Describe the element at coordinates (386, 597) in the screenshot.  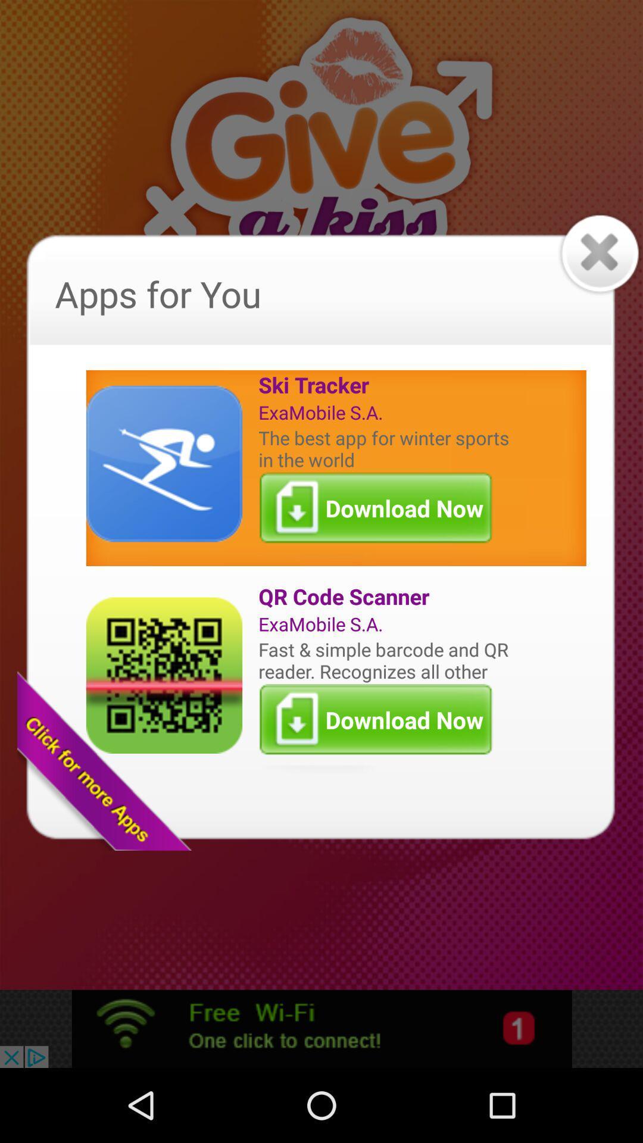
I see `the qr code scanner` at that location.